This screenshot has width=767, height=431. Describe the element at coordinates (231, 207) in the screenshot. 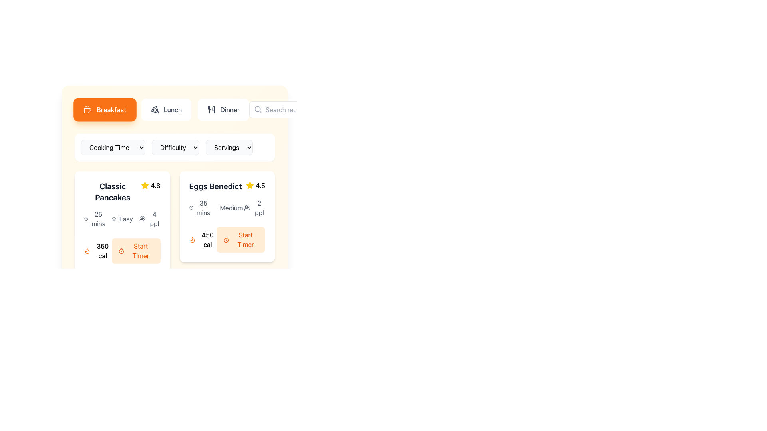

I see `the 'Medium' text label styled in gray, located at the bottom of the 'Eggs Benedict' recipe card, positioned under the preparation time and above the servings information` at that location.